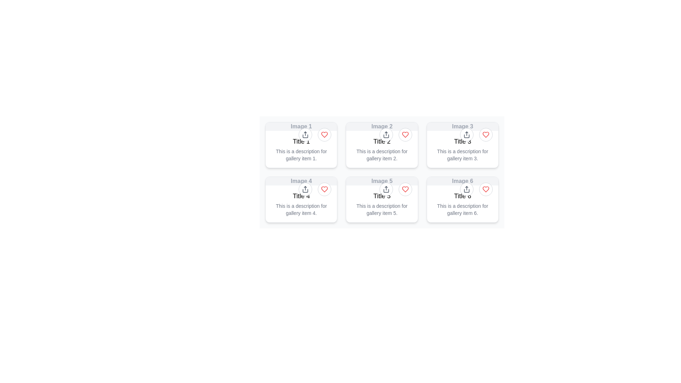 This screenshot has height=383, width=681. Describe the element at coordinates (463, 154) in the screenshot. I see `the text block displaying 'This is a description for gallery item 3.' which is located in the third column of the top row of a card layout under 'Title 3'` at that location.